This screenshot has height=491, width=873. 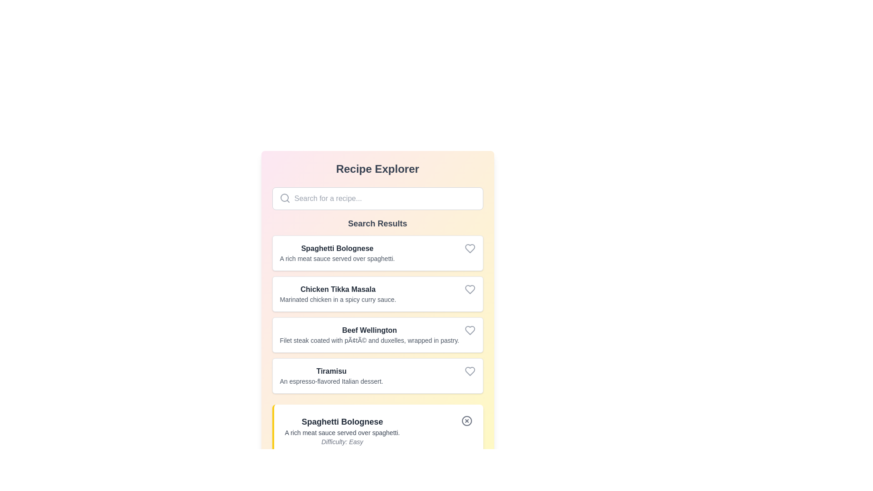 I want to click on the 'Search Results' label, which is a prominent textual label displayed in bold, dark gray font on a search results page, so click(x=377, y=224).